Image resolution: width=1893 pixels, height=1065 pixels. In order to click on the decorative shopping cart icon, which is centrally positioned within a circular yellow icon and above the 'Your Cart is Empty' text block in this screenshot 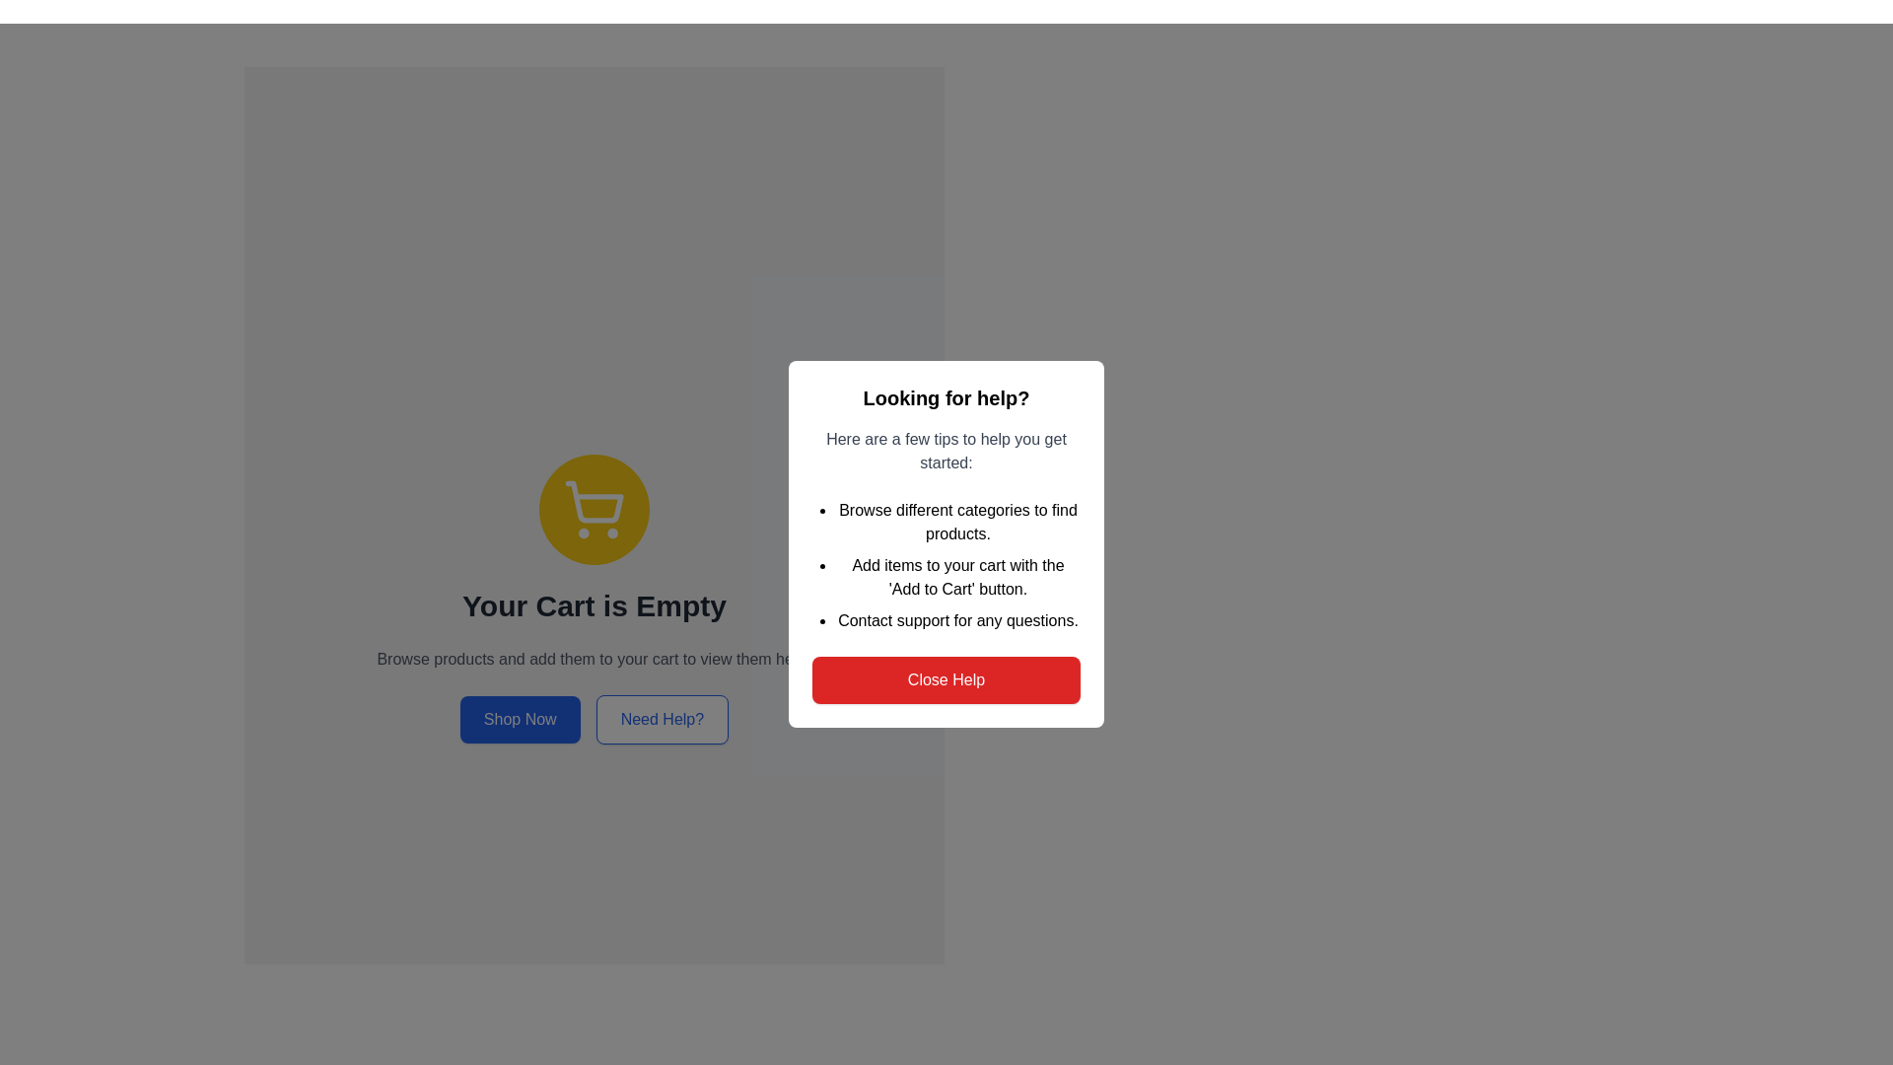, I will do `click(594, 501)`.